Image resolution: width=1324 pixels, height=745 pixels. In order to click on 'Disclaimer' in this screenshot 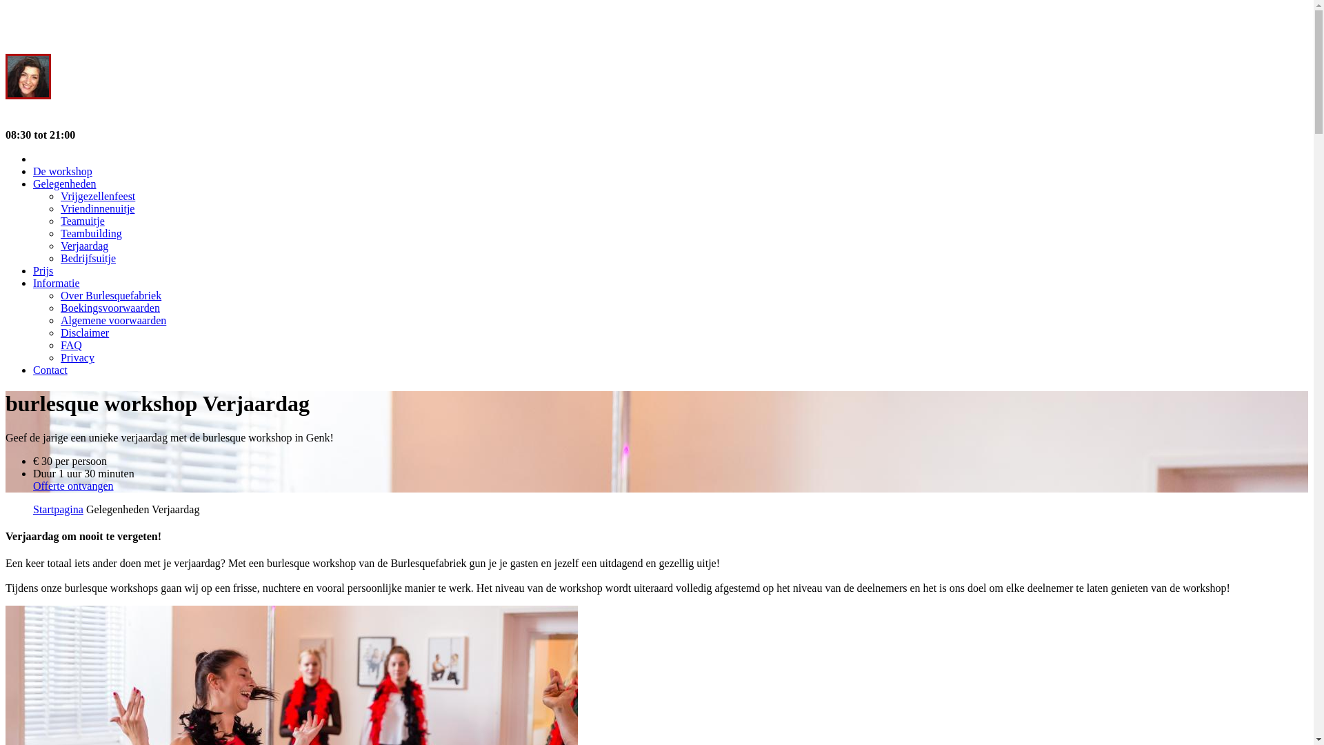, I will do `click(84, 332)`.